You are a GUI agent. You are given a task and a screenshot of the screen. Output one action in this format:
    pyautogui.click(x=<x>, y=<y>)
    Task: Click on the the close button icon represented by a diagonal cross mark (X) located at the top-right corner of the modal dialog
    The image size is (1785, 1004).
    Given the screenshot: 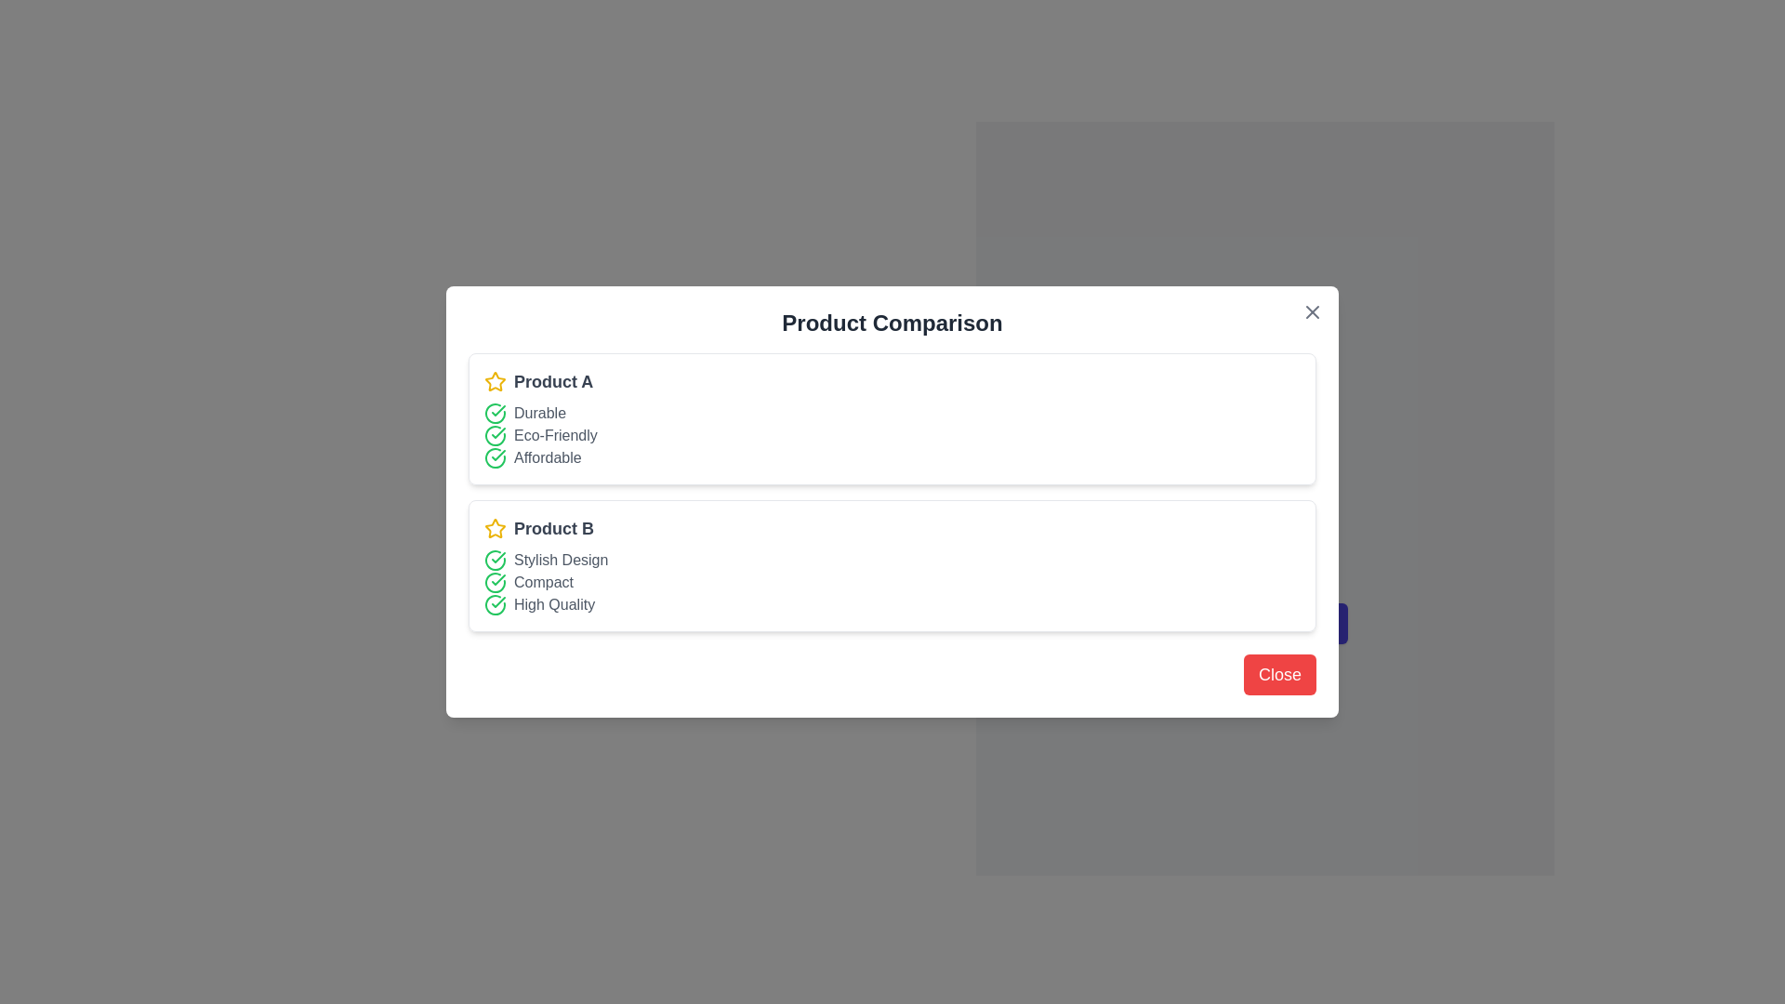 What is the action you would take?
    pyautogui.click(x=1311, y=310)
    